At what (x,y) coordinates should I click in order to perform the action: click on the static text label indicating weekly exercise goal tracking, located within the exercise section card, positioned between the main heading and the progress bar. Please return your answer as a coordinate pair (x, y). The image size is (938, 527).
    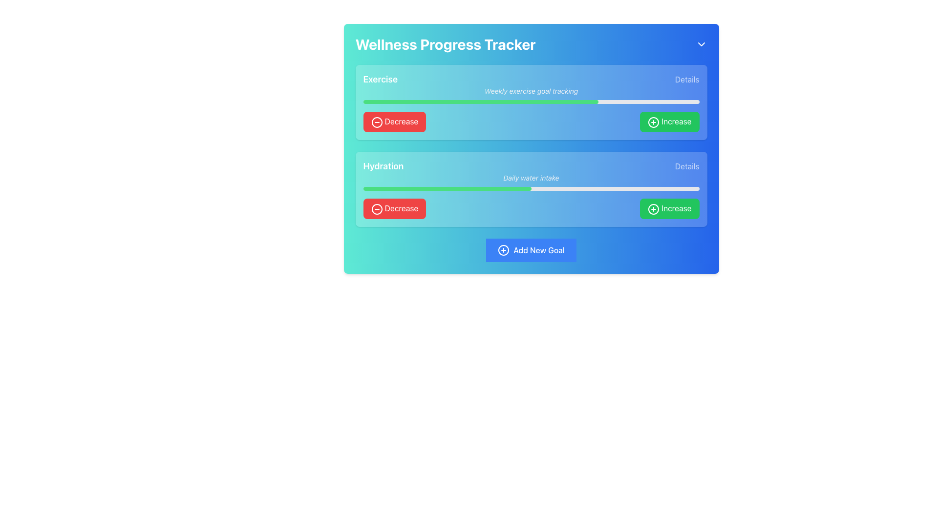
    Looking at the image, I should click on (531, 91).